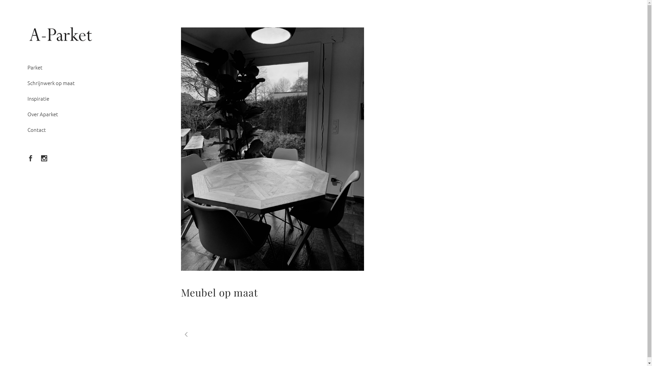  What do you see at coordinates (61, 67) in the screenshot?
I see `'Parket'` at bounding box center [61, 67].